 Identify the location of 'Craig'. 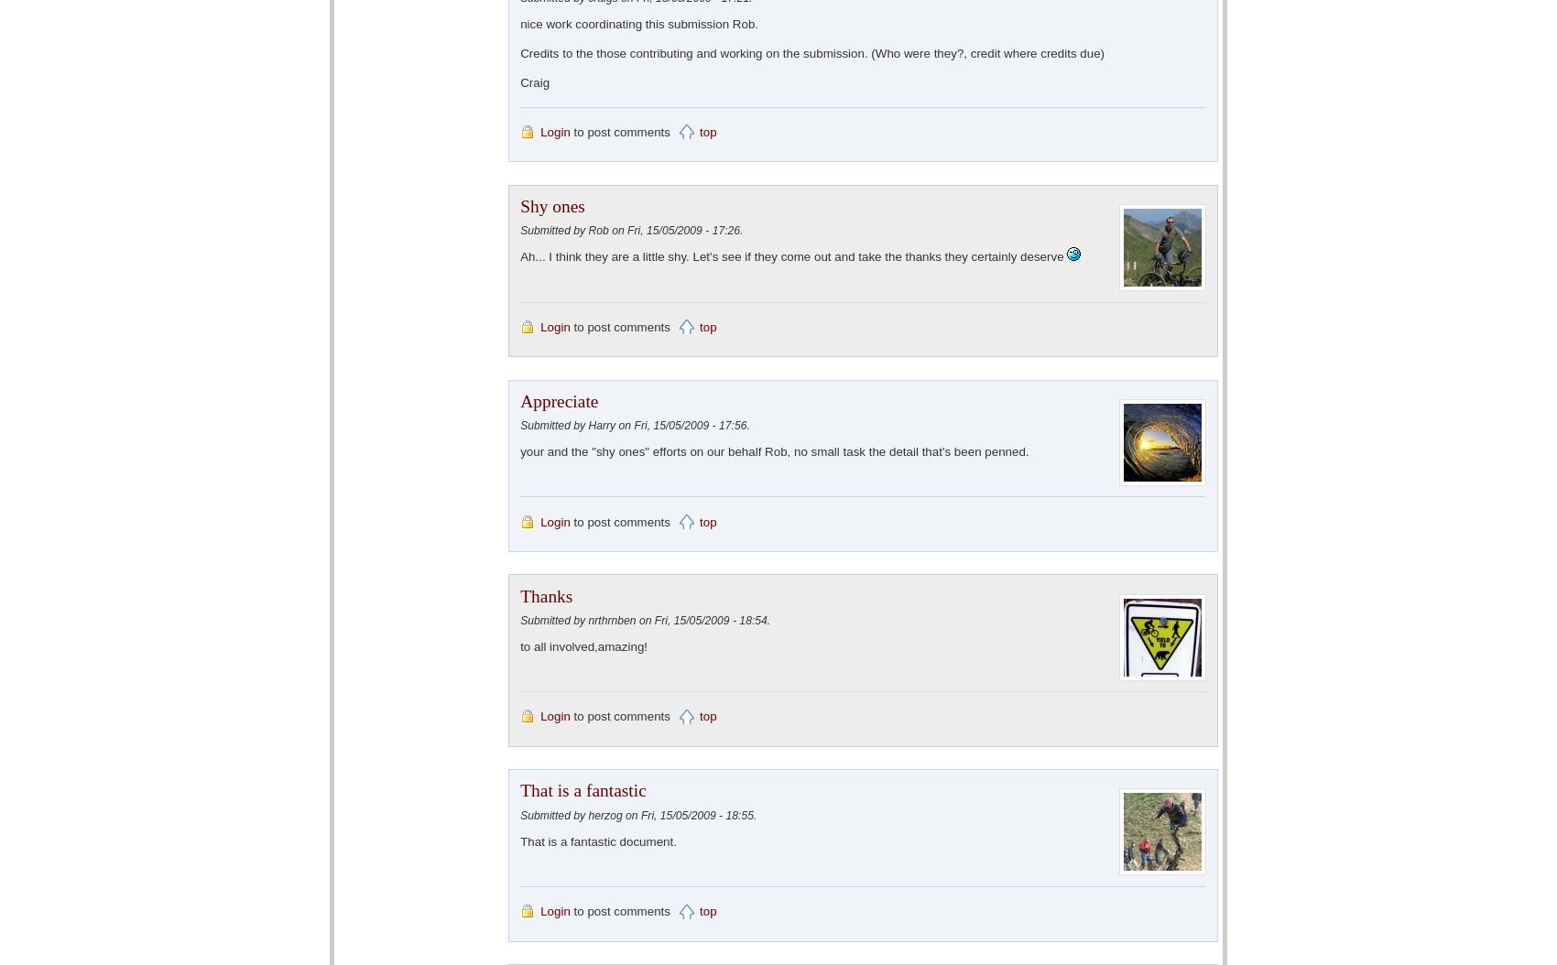
(533, 81).